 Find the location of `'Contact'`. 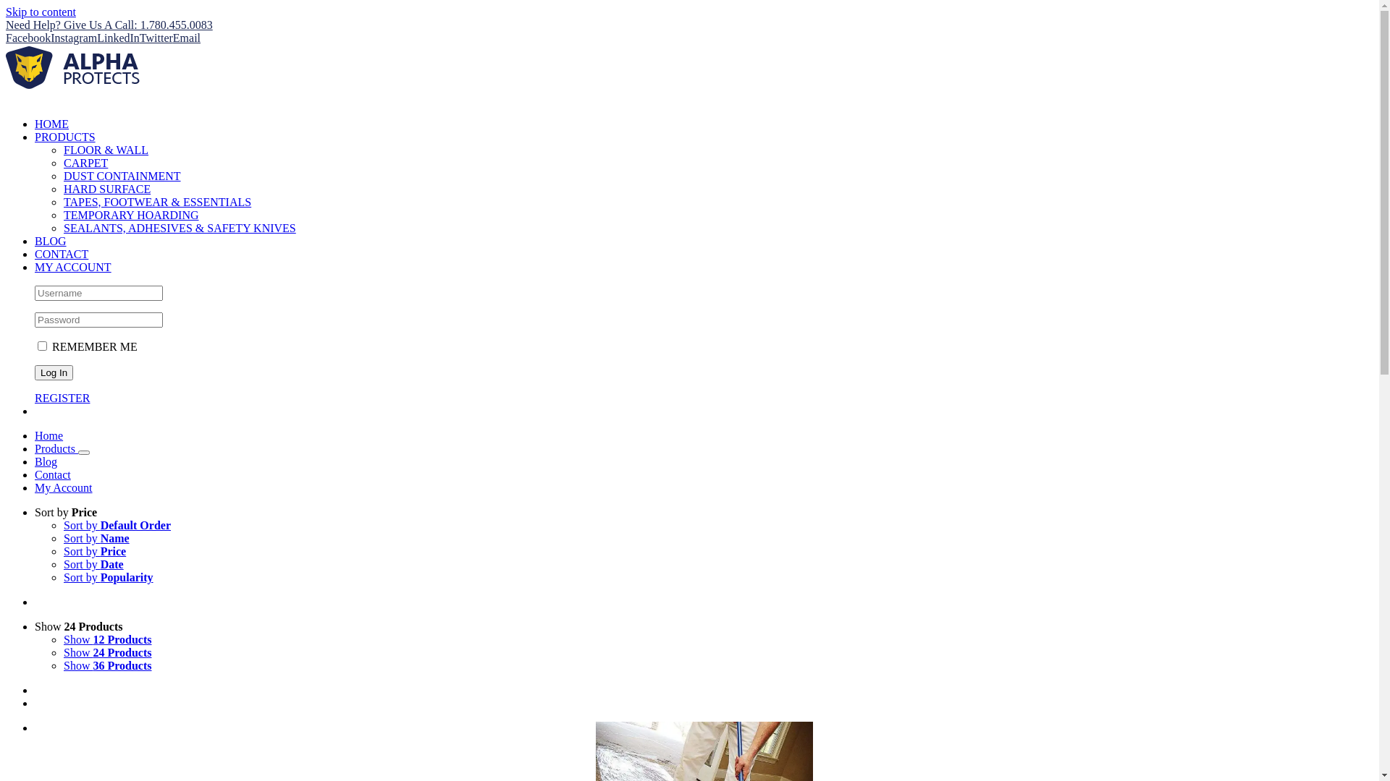

'Contact' is located at coordinates (52, 474).